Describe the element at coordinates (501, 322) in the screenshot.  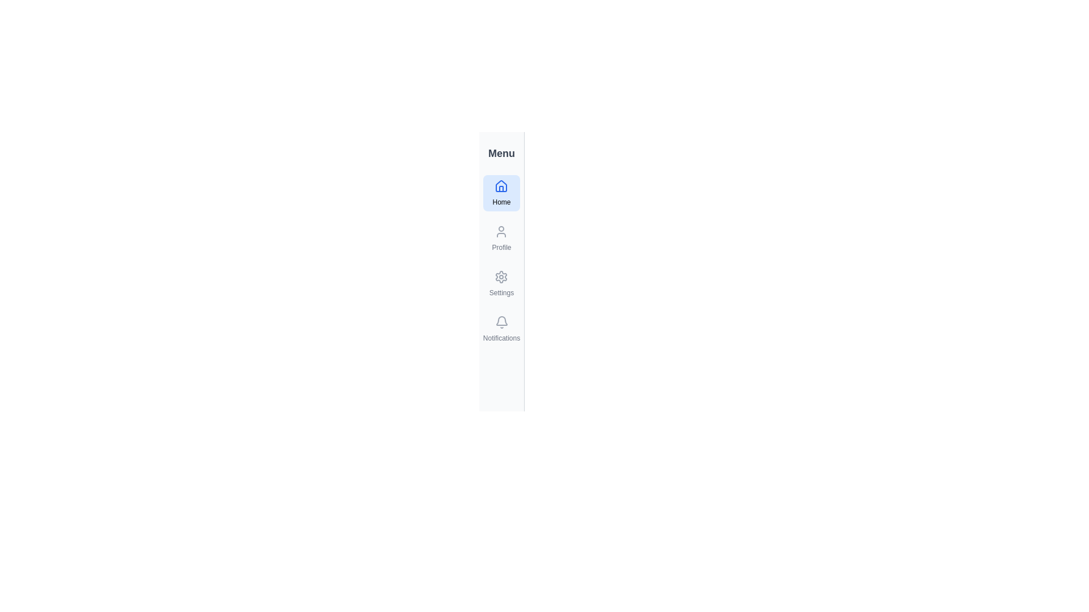
I see `the outlined bell icon with a gray stroke located above the 'Notifications' text label in the vertical menu` at that location.